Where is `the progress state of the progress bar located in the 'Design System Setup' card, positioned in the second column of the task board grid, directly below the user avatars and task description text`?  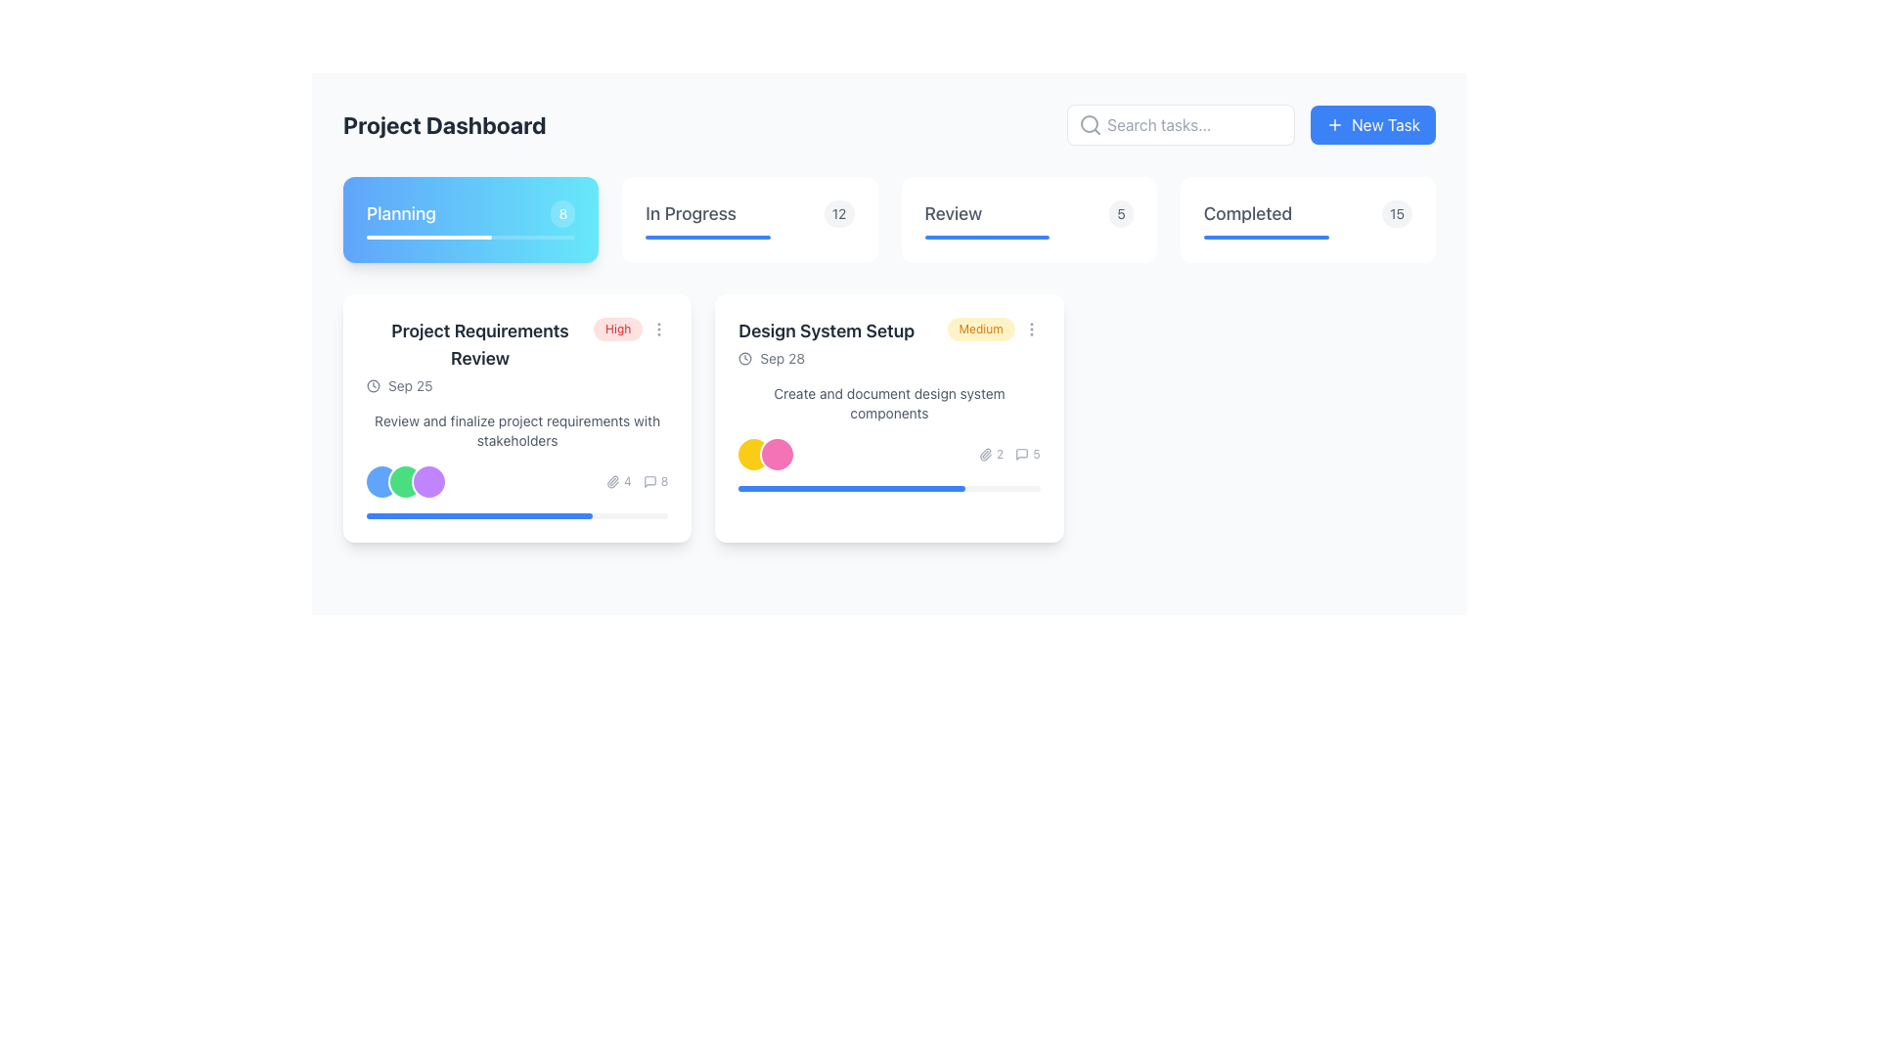 the progress state of the progress bar located in the 'Design System Setup' card, positioned in the second column of the task board grid, directly below the user avatars and task description text is located at coordinates (888, 488).